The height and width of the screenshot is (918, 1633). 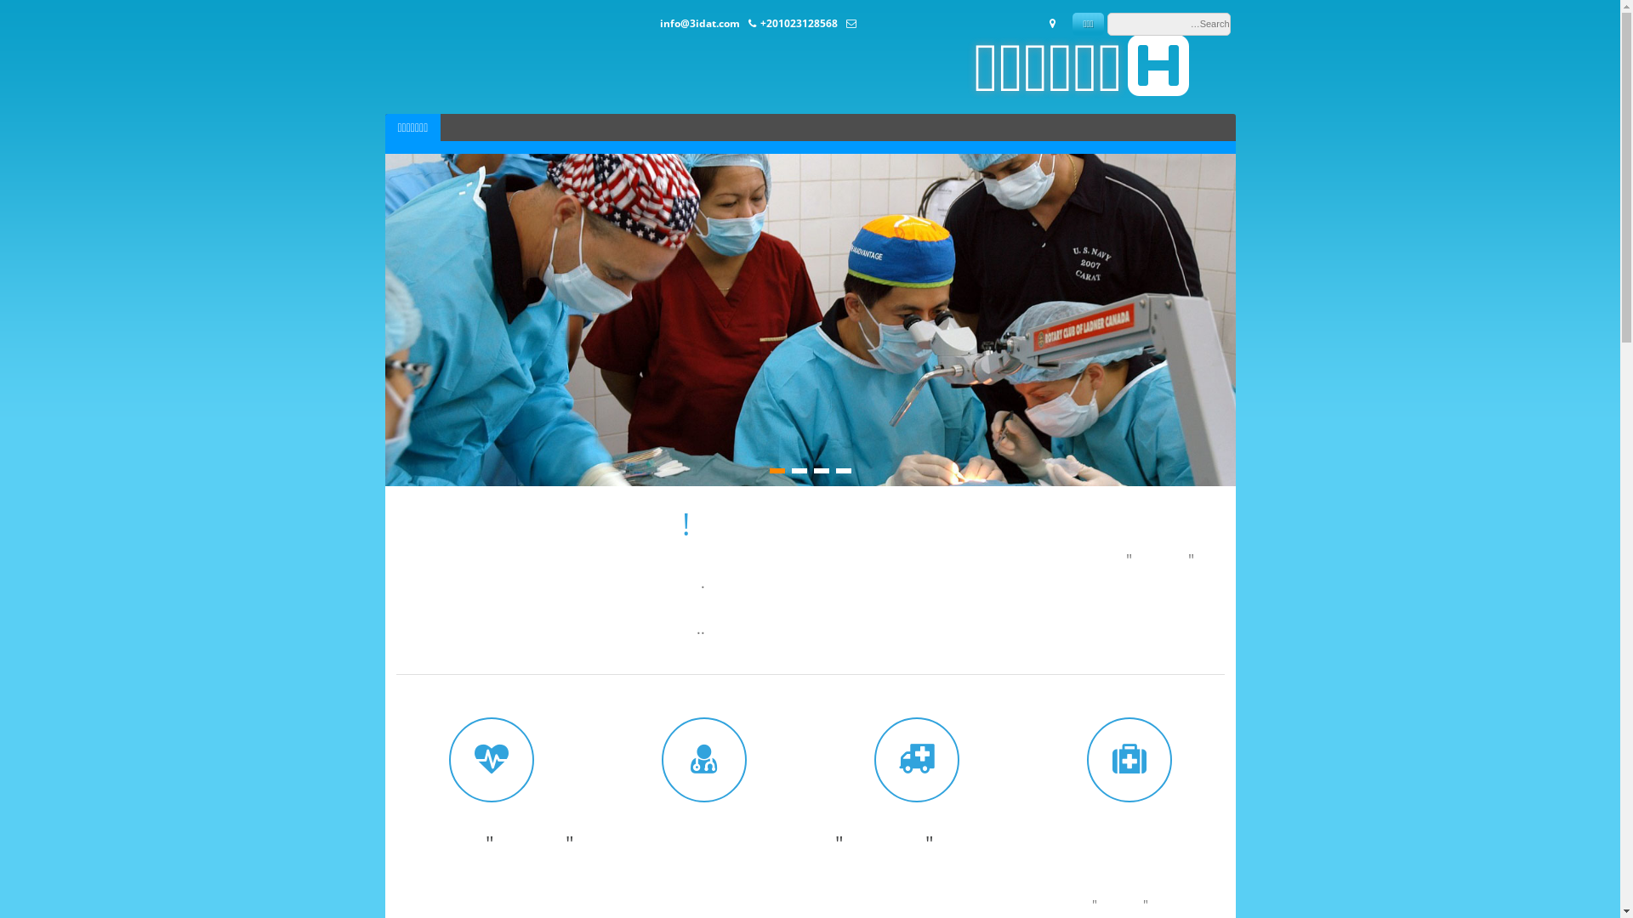 I want to click on '4', so click(x=775, y=471).